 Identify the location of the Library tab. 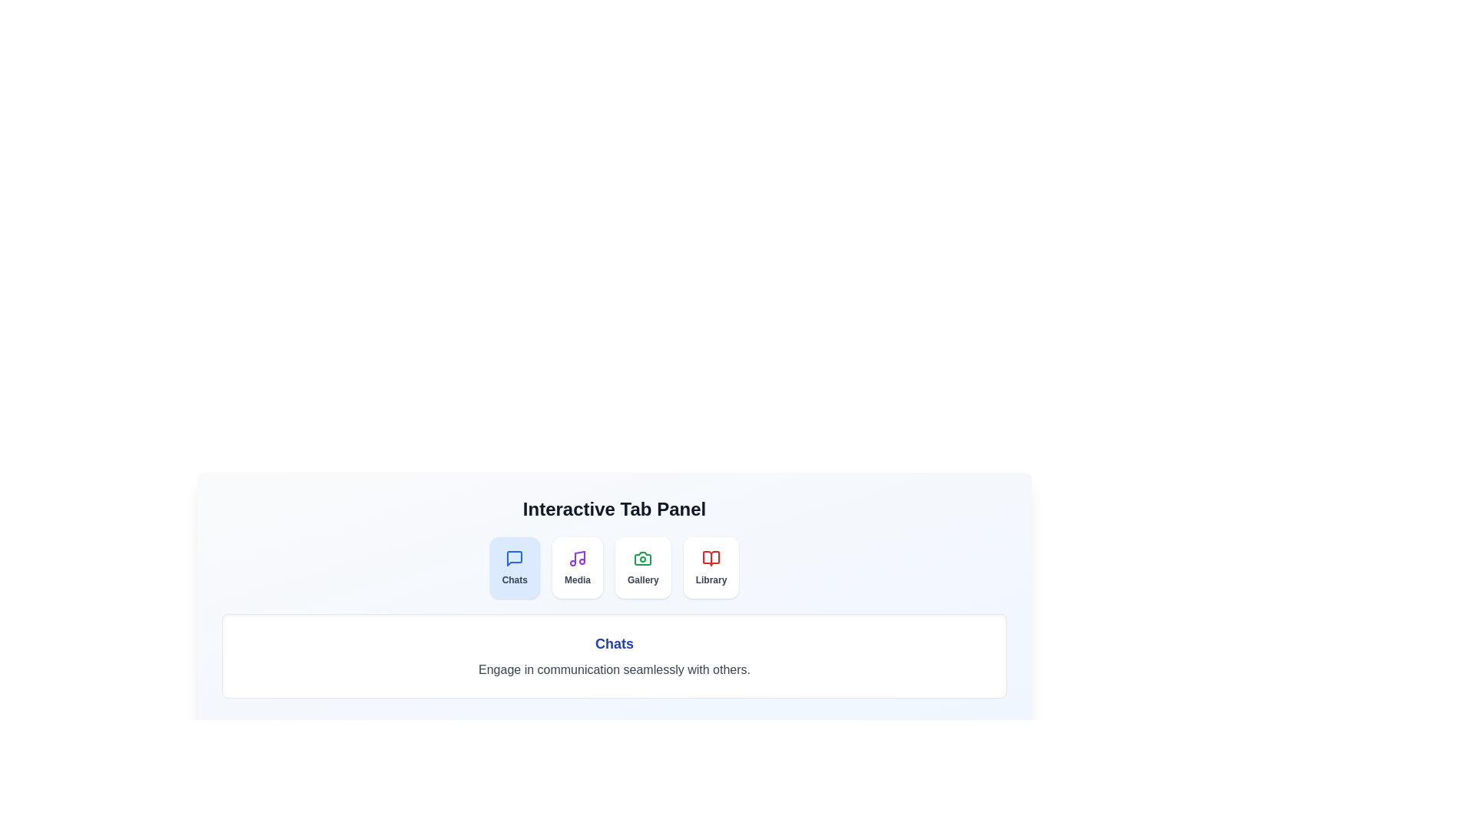
(711, 568).